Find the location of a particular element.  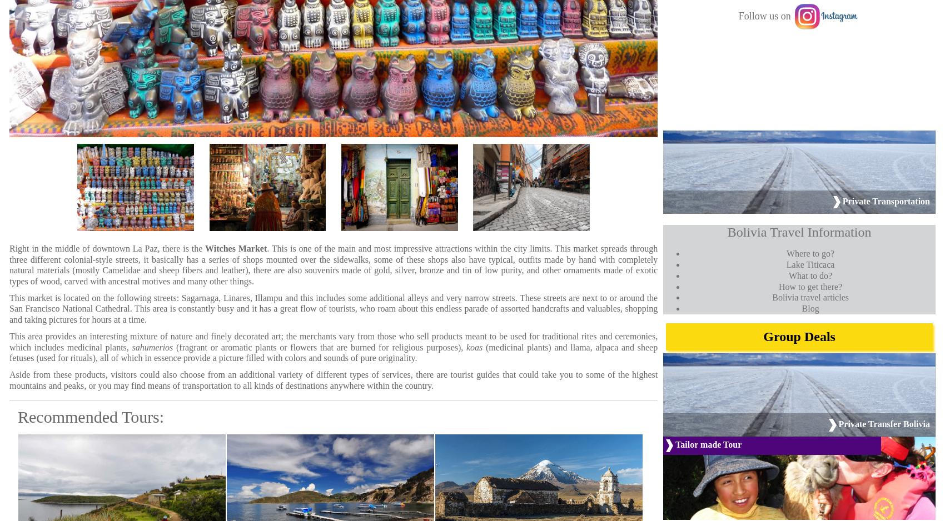

'Recommended Tours:' is located at coordinates (90, 417).